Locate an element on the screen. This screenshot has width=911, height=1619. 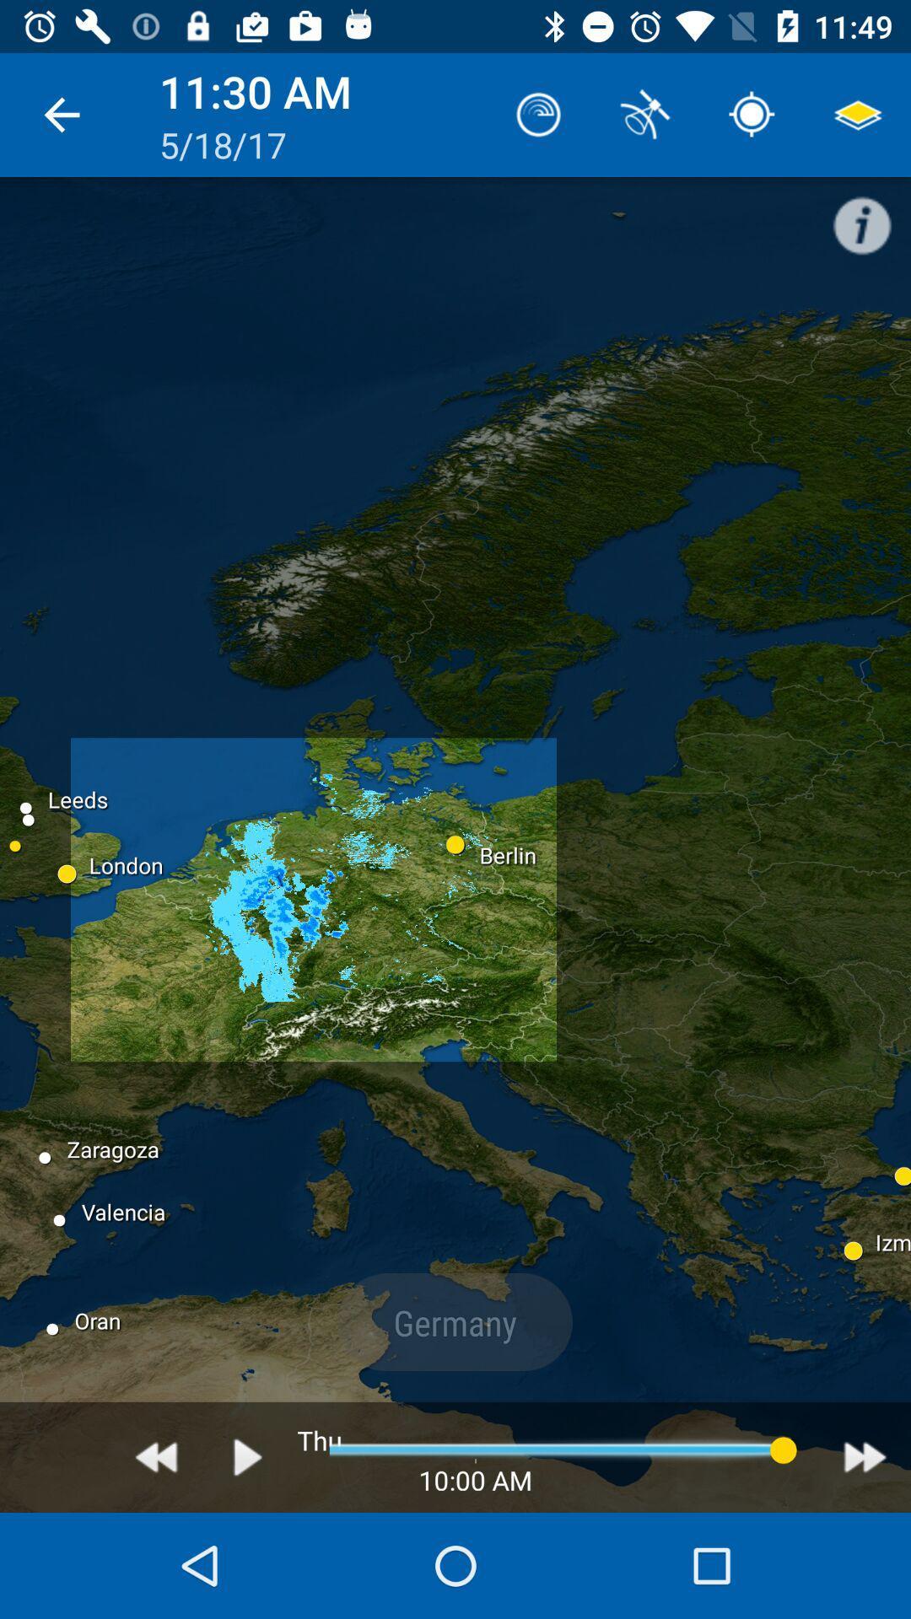
the item below 5/18/17 item is located at coordinates (248, 1456).